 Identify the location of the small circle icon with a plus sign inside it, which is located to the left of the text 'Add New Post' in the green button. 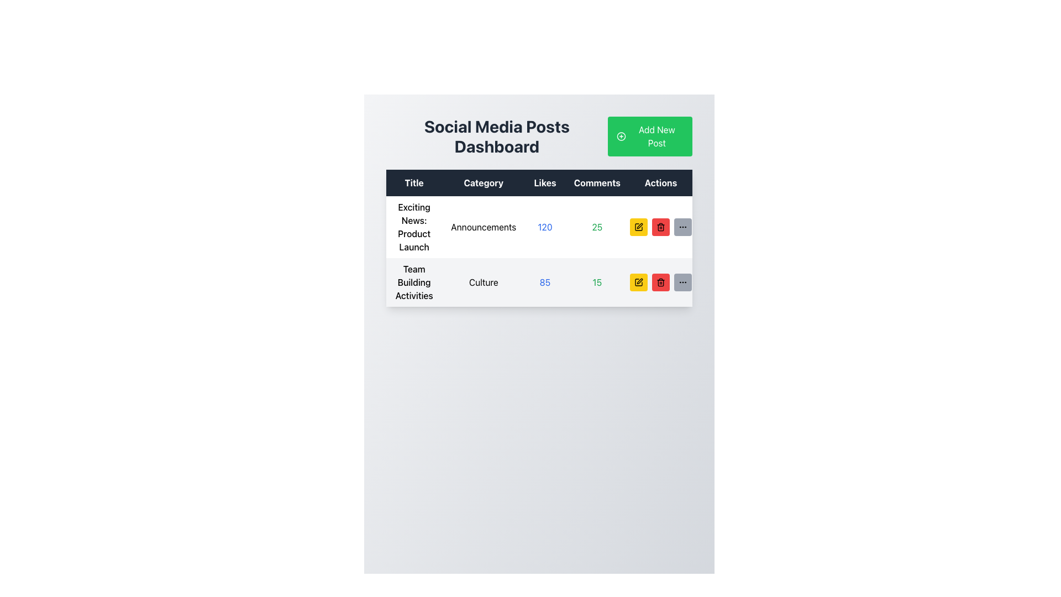
(621, 135).